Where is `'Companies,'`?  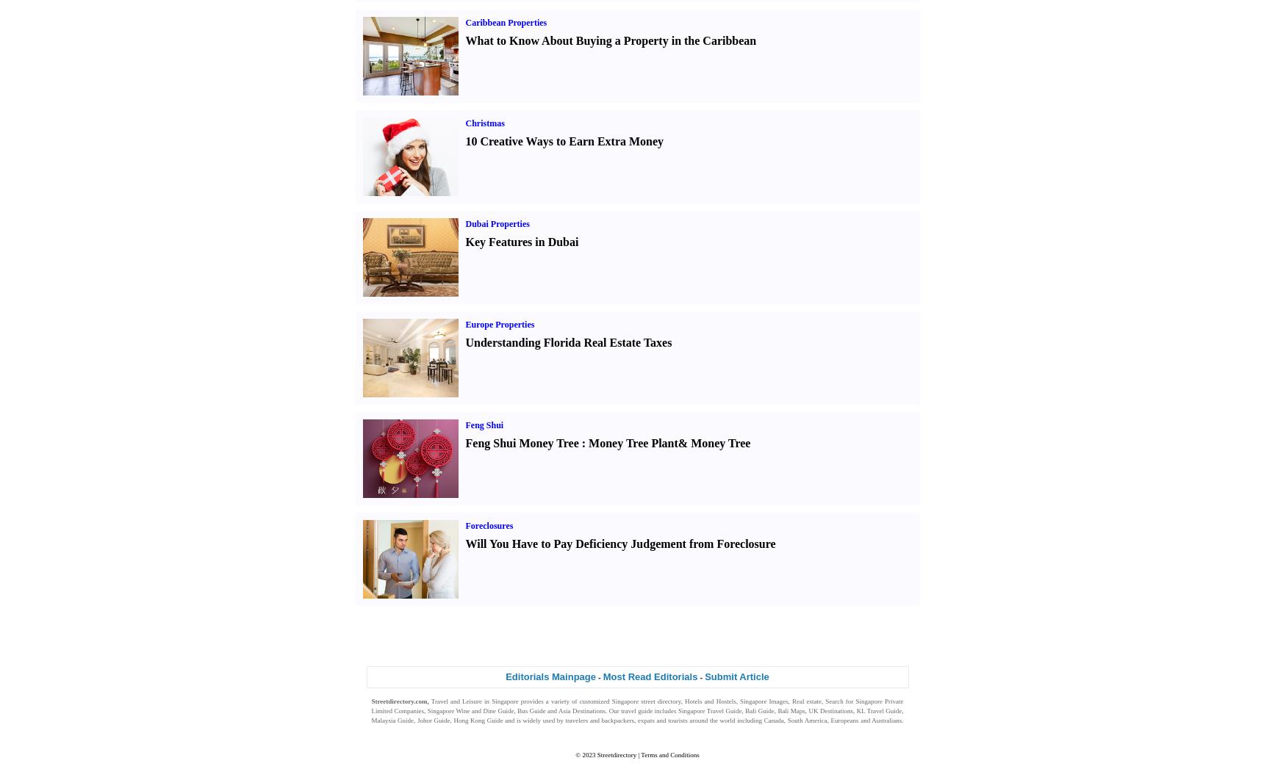
'Companies,' is located at coordinates (409, 710).